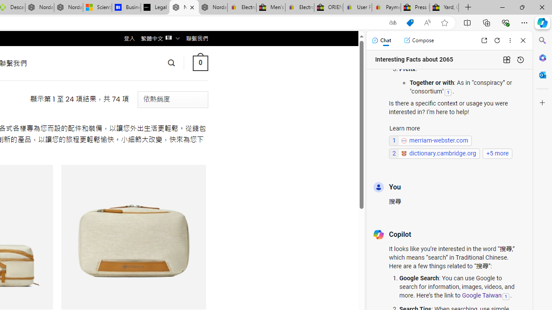 Image resolution: width=552 pixels, height=310 pixels. What do you see at coordinates (542, 74) in the screenshot?
I see `'Outlook'` at bounding box center [542, 74].